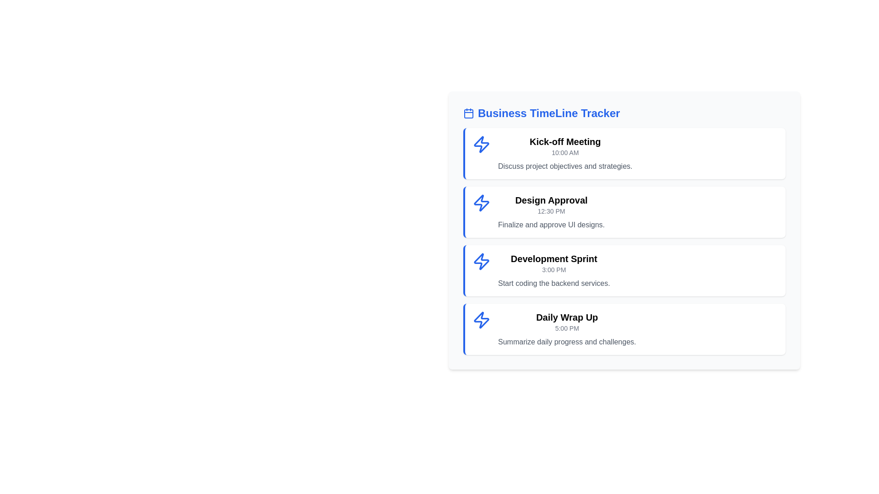  What do you see at coordinates (564, 152) in the screenshot?
I see `the static text element that displays the time for the 'Kick-off Meeting' event, located underneath the 'Kick-off Meeting' title in the timeline` at bounding box center [564, 152].